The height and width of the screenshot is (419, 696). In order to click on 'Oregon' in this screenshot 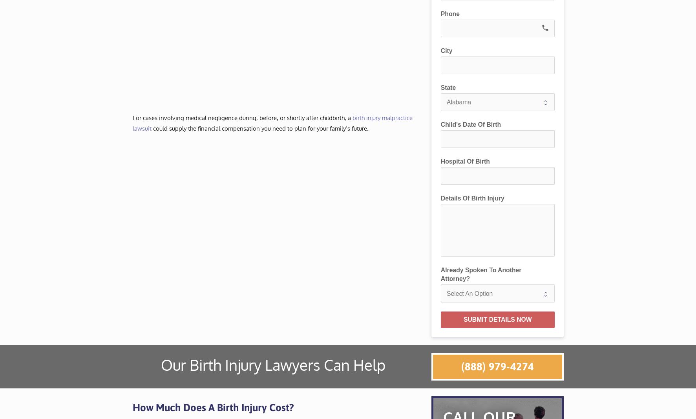, I will do `click(352, 289)`.